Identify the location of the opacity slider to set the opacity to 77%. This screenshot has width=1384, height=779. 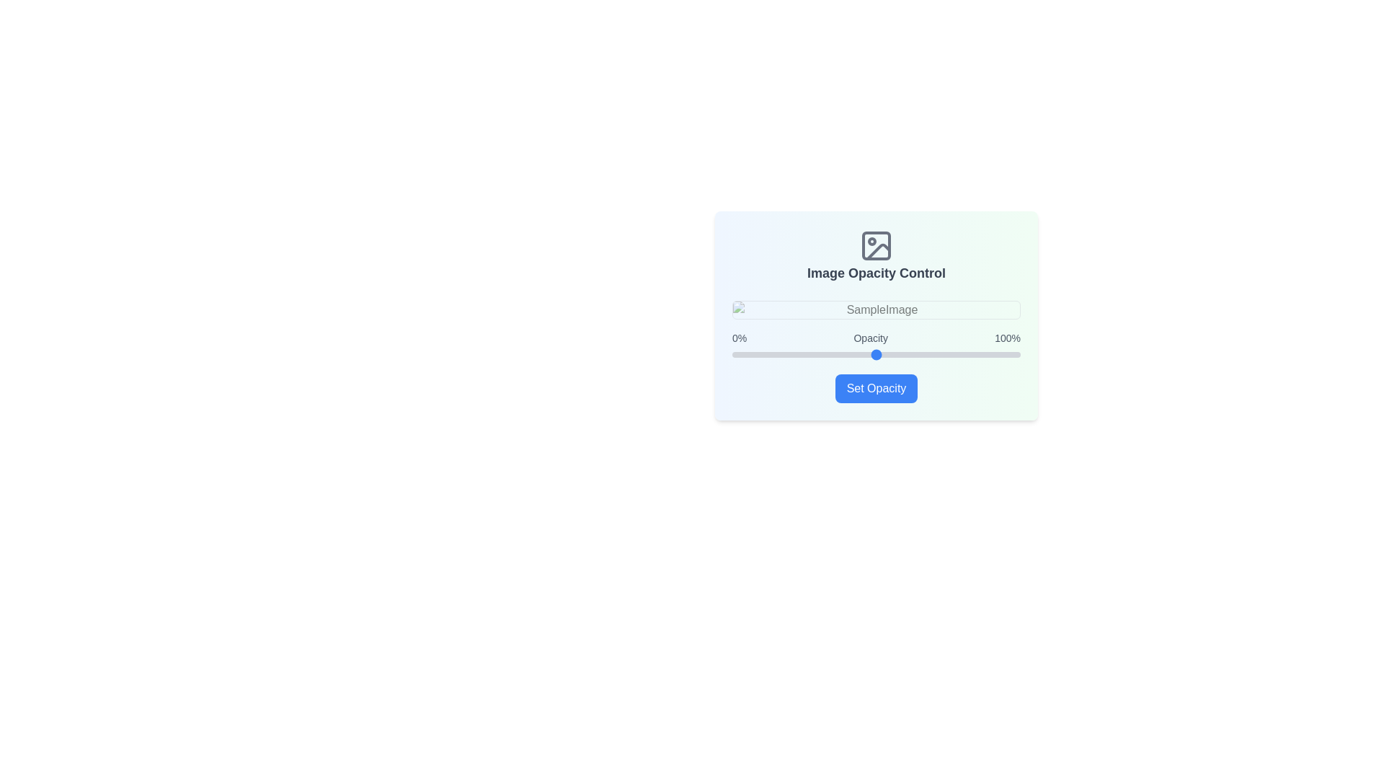
(954, 355).